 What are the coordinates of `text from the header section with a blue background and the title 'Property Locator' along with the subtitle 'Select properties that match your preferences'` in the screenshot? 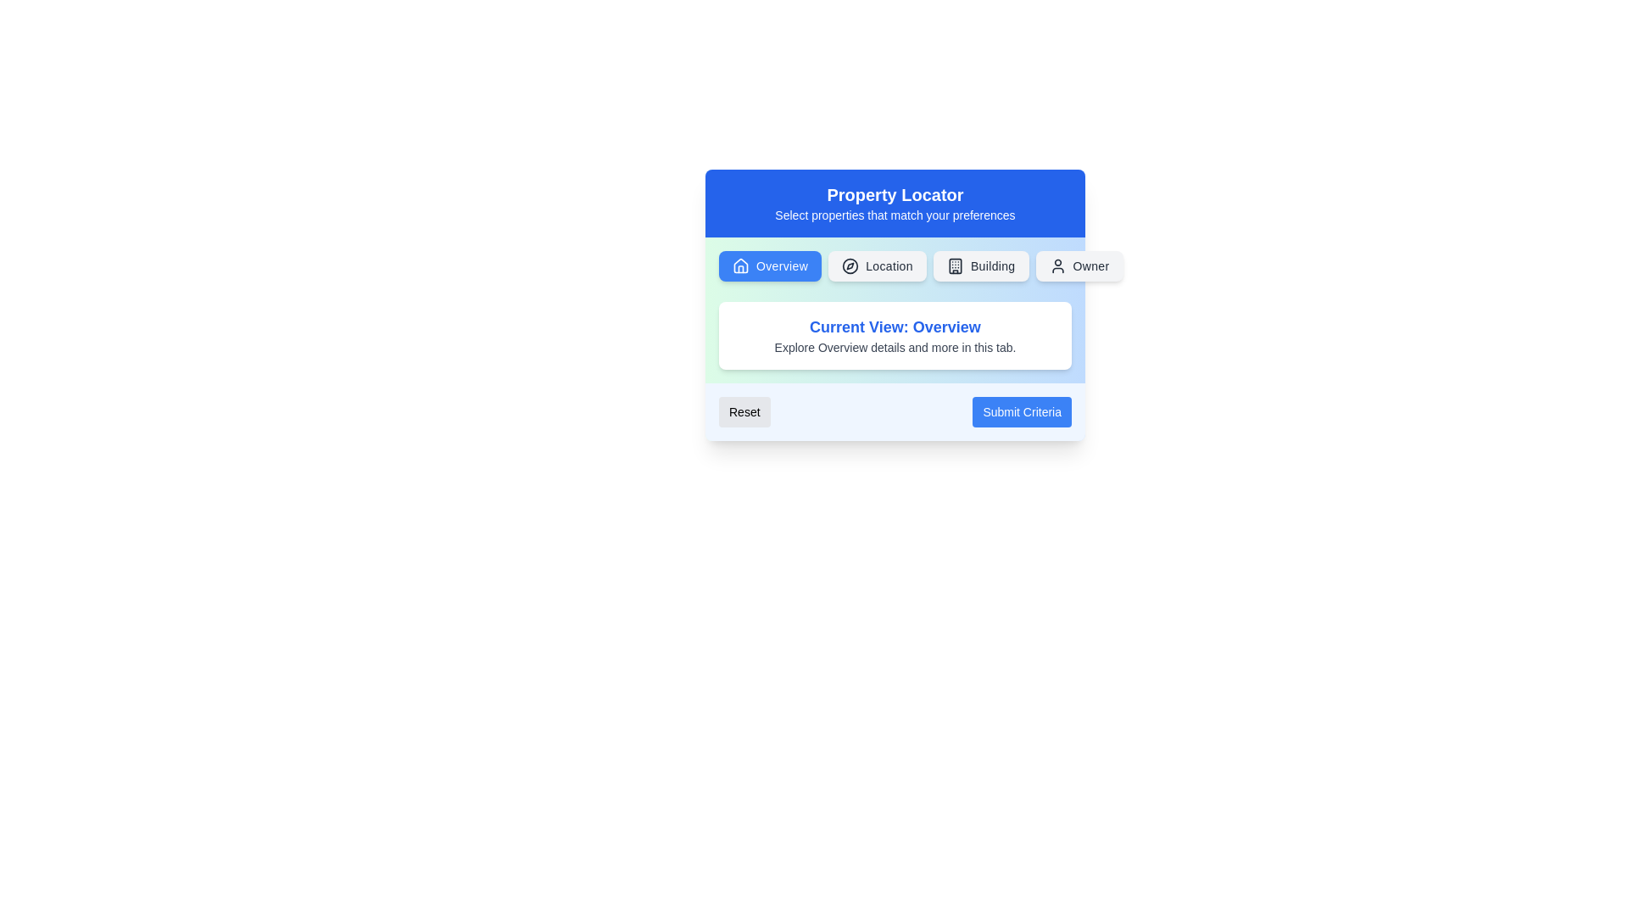 It's located at (895, 202).